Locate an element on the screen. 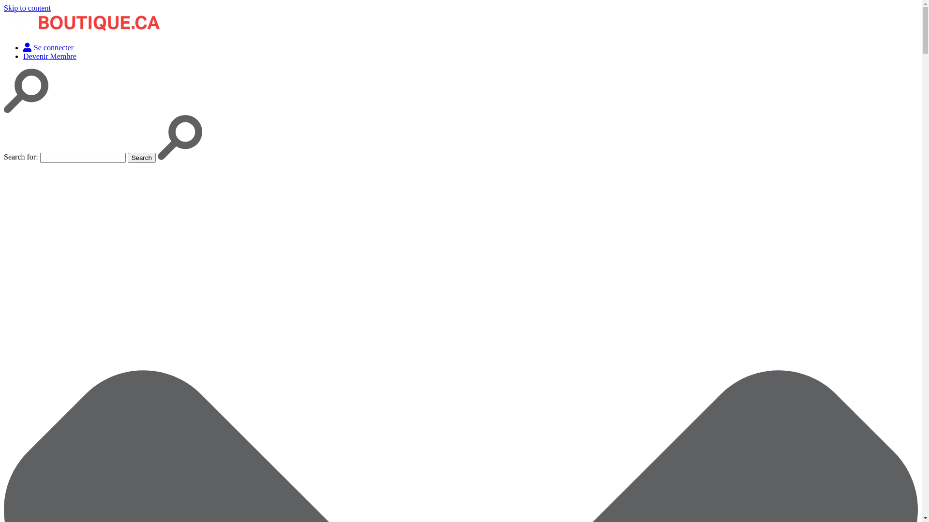 This screenshot has width=929, height=522. 'Se connecter' is located at coordinates (48, 47).